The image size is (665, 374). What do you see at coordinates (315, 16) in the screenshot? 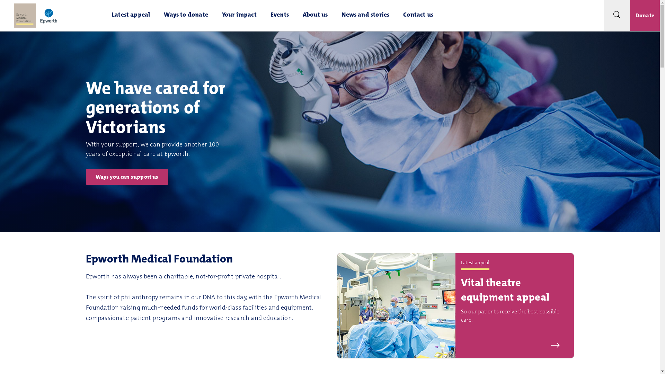
I see `'About us'` at bounding box center [315, 16].